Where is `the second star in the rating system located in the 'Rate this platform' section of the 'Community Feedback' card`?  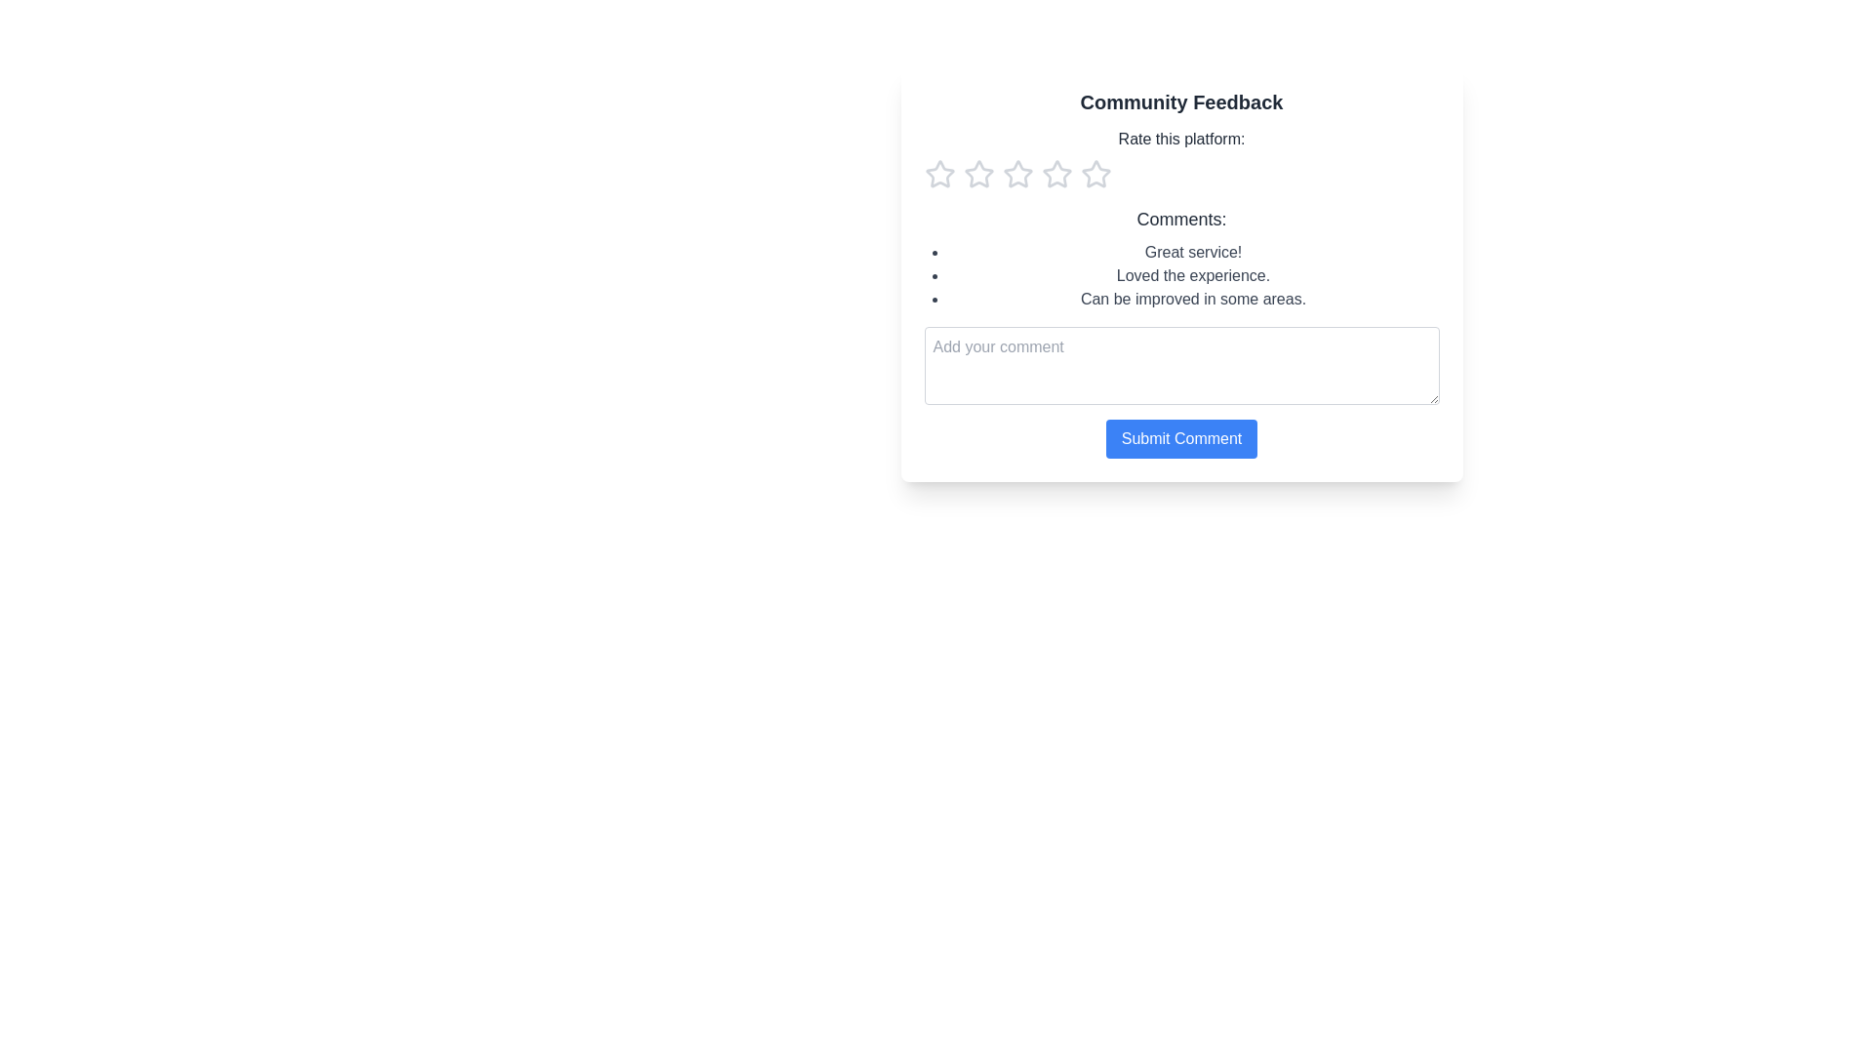 the second star in the rating system located in the 'Rate this platform' section of the 'Community Feedback' card is located at coordinates (1016, 173).